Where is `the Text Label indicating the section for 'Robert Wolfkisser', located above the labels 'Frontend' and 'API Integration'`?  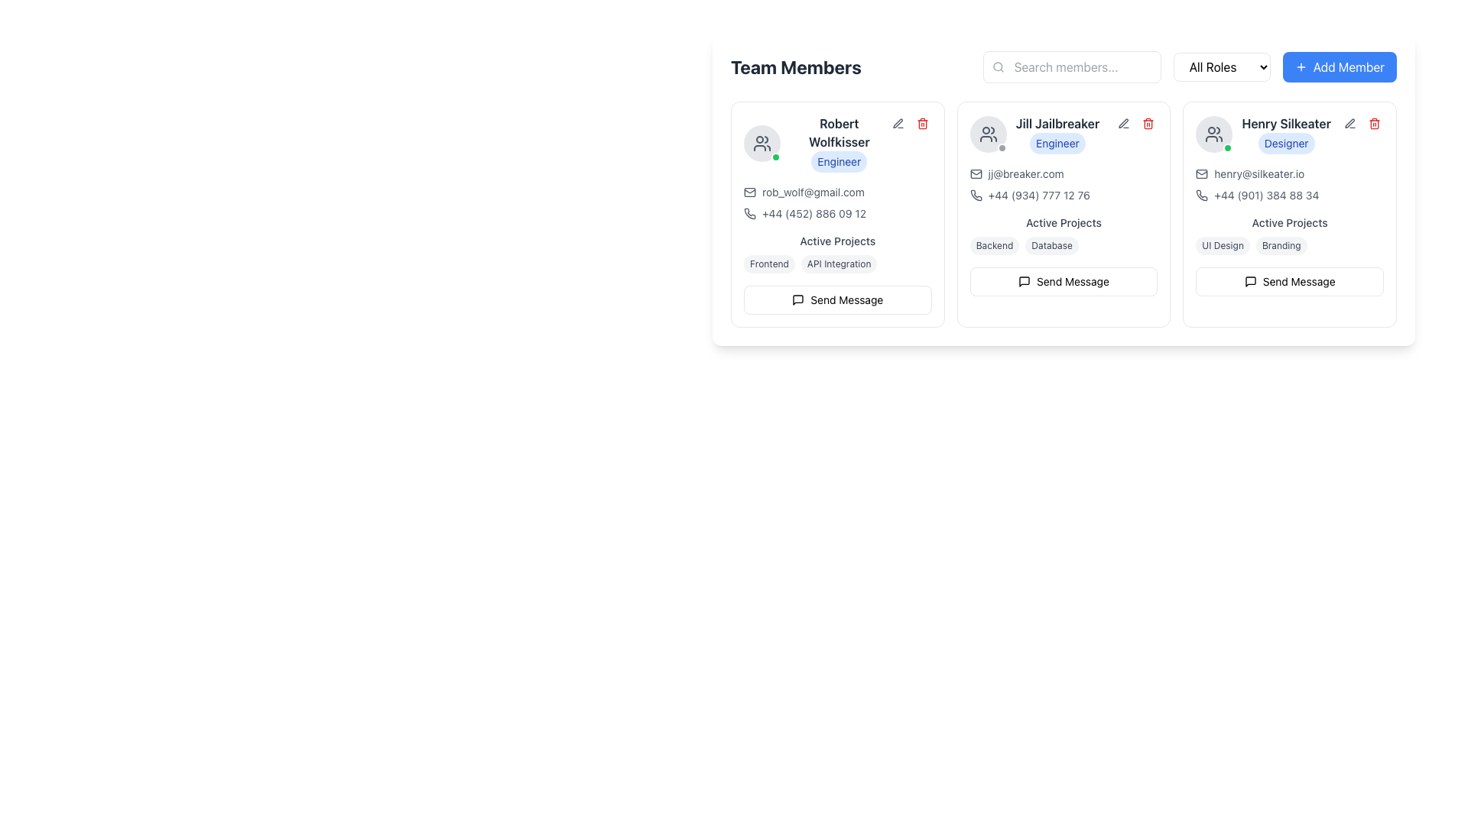 the Text Label indicating the section for 'Robert Wolfkisser', located above the labels 'Frontend' and 'API Integration' is located at coordinates (836, 241).